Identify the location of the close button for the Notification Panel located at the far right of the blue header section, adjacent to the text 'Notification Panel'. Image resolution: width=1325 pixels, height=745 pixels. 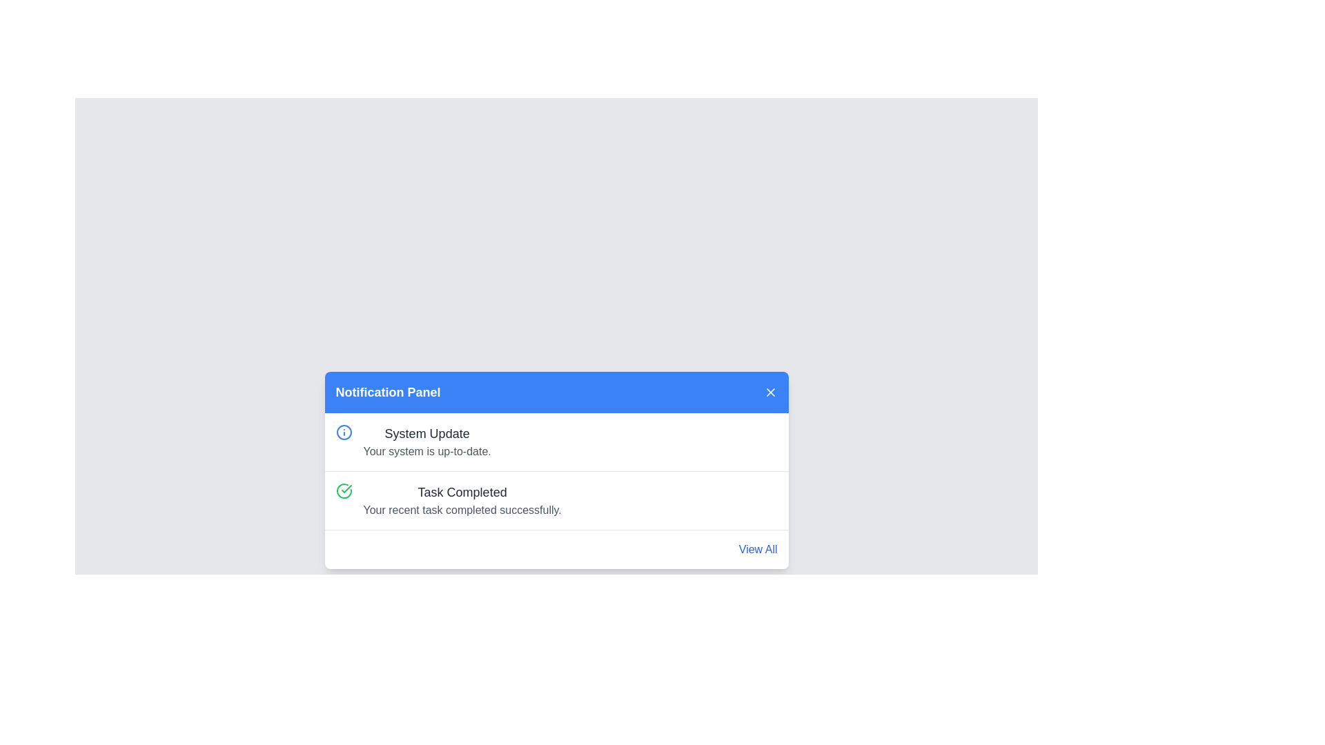
(769, 393).